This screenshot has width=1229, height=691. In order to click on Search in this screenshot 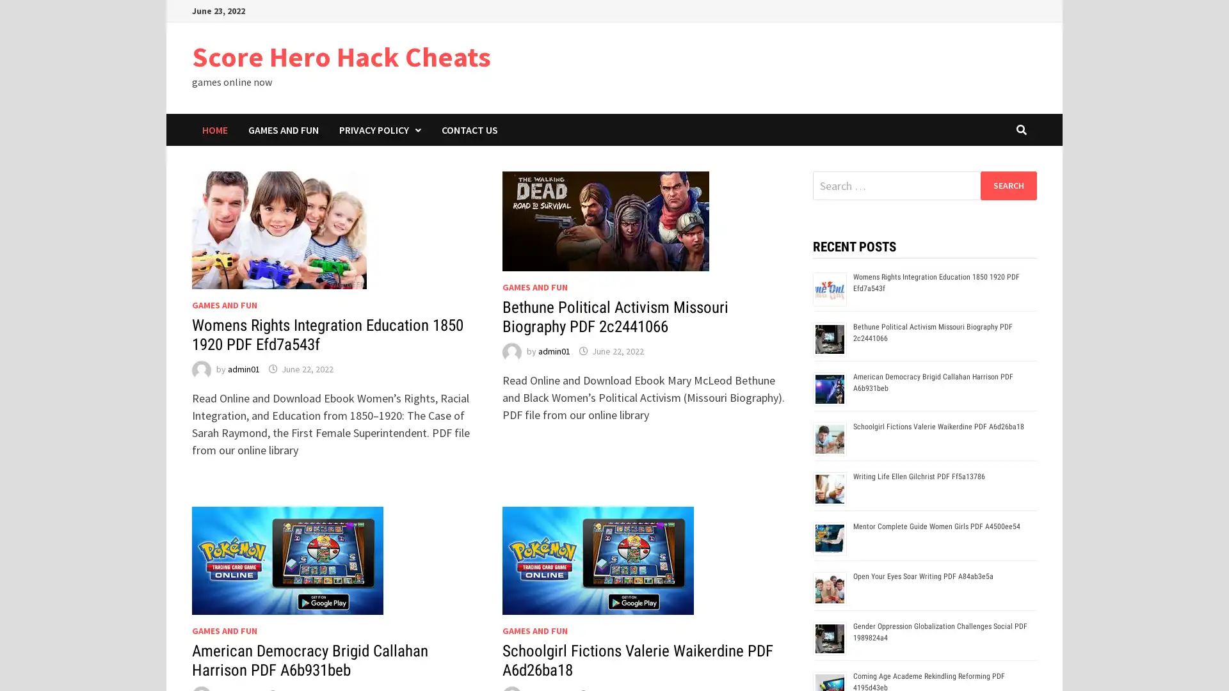, I will do `click(1008, 185)`.